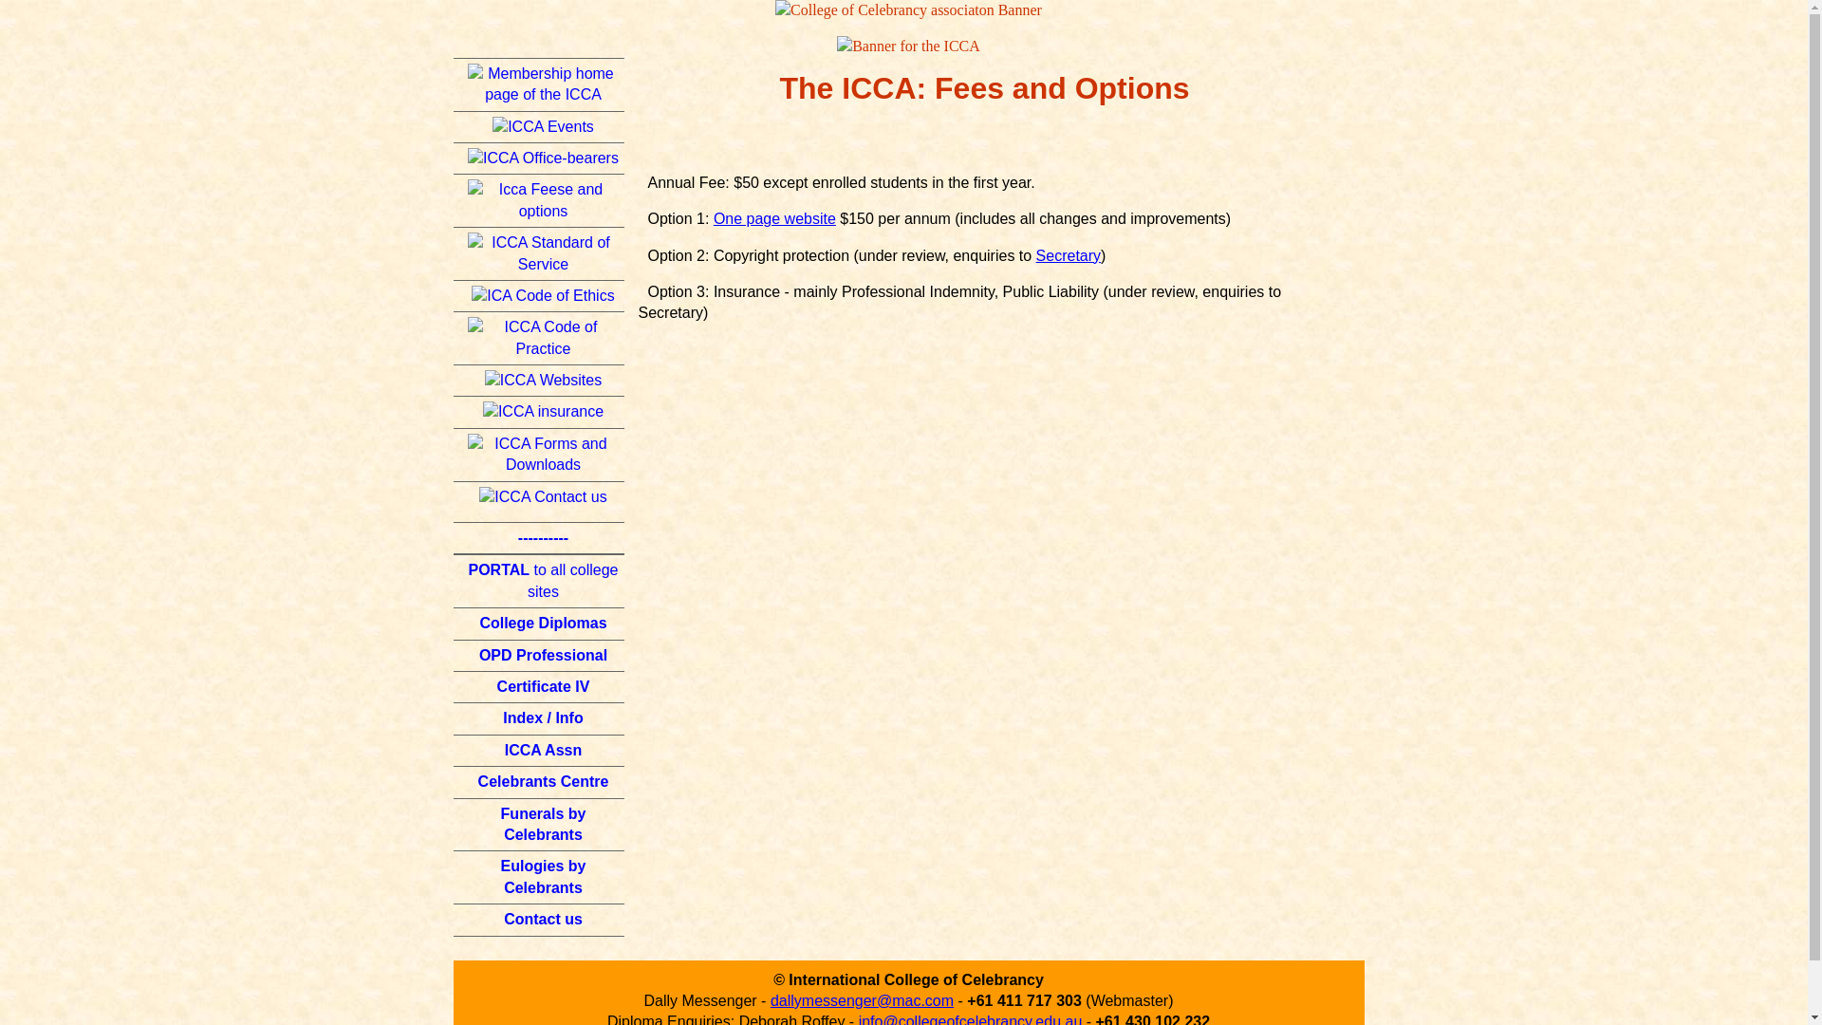 Image resolution: width=1822 pixels, height=1025 pixels. I want to click on 'dallymessenger@mac.com', so click(861, 999).